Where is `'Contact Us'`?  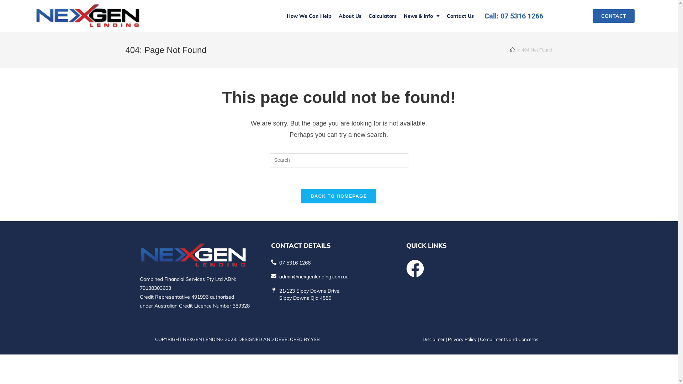 'Contact Us' is located at coordinates (460, 16).